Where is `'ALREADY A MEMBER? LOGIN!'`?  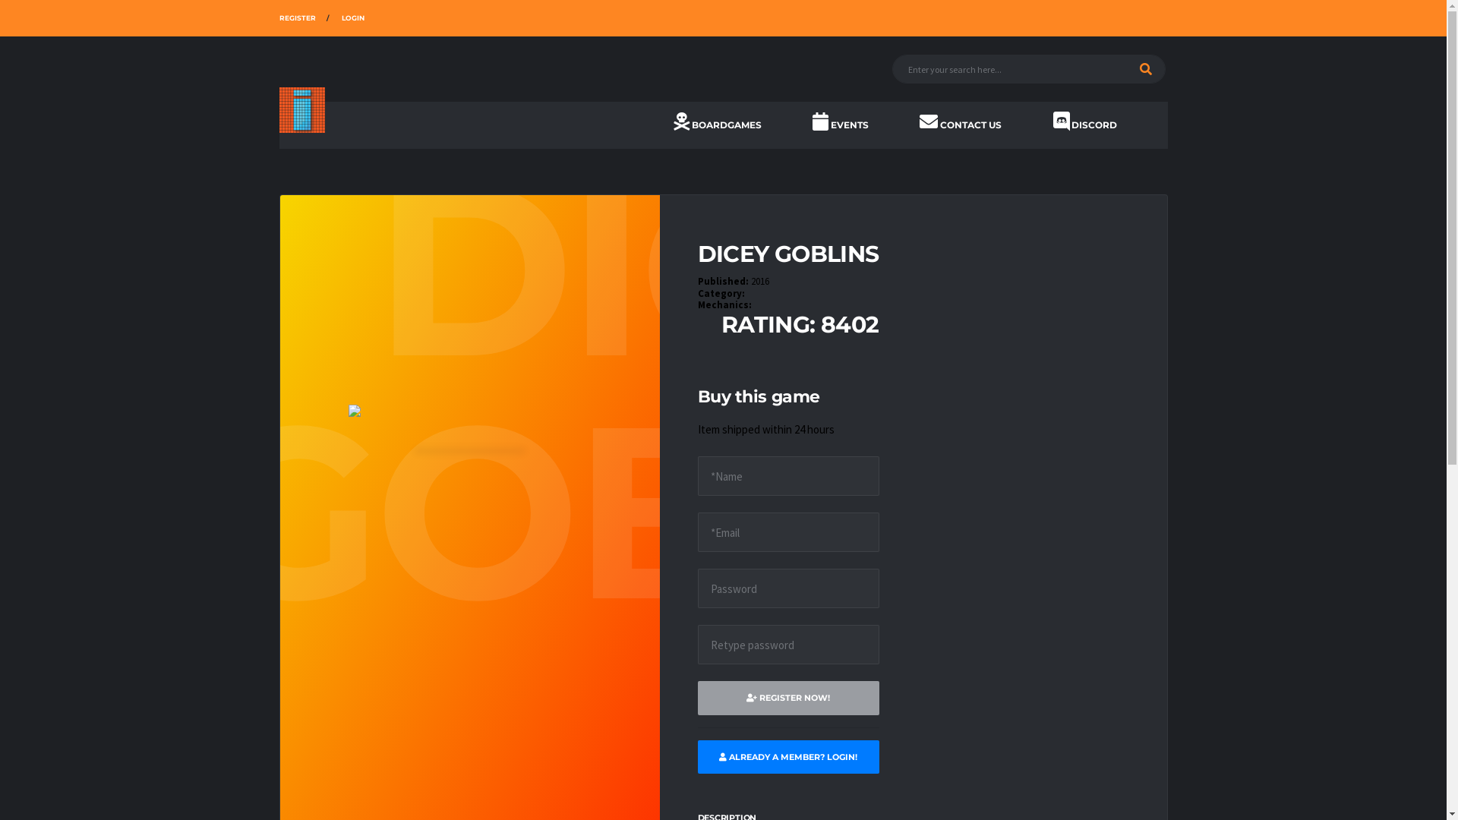
'ALREADY A MEMBER? LOGIN!' is located at coordinates (787, 757).